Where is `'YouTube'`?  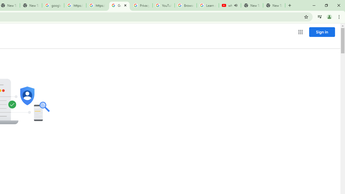 'YouTube' is located at coordinates (163, 5).